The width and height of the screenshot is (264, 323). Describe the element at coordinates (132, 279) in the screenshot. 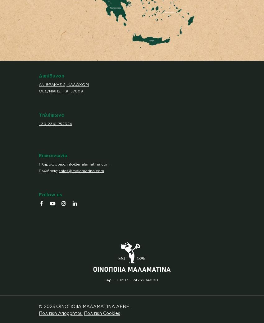

I see `'Αρ. Γ.Ε.ΜΗ.: 157476204000'` at that location.